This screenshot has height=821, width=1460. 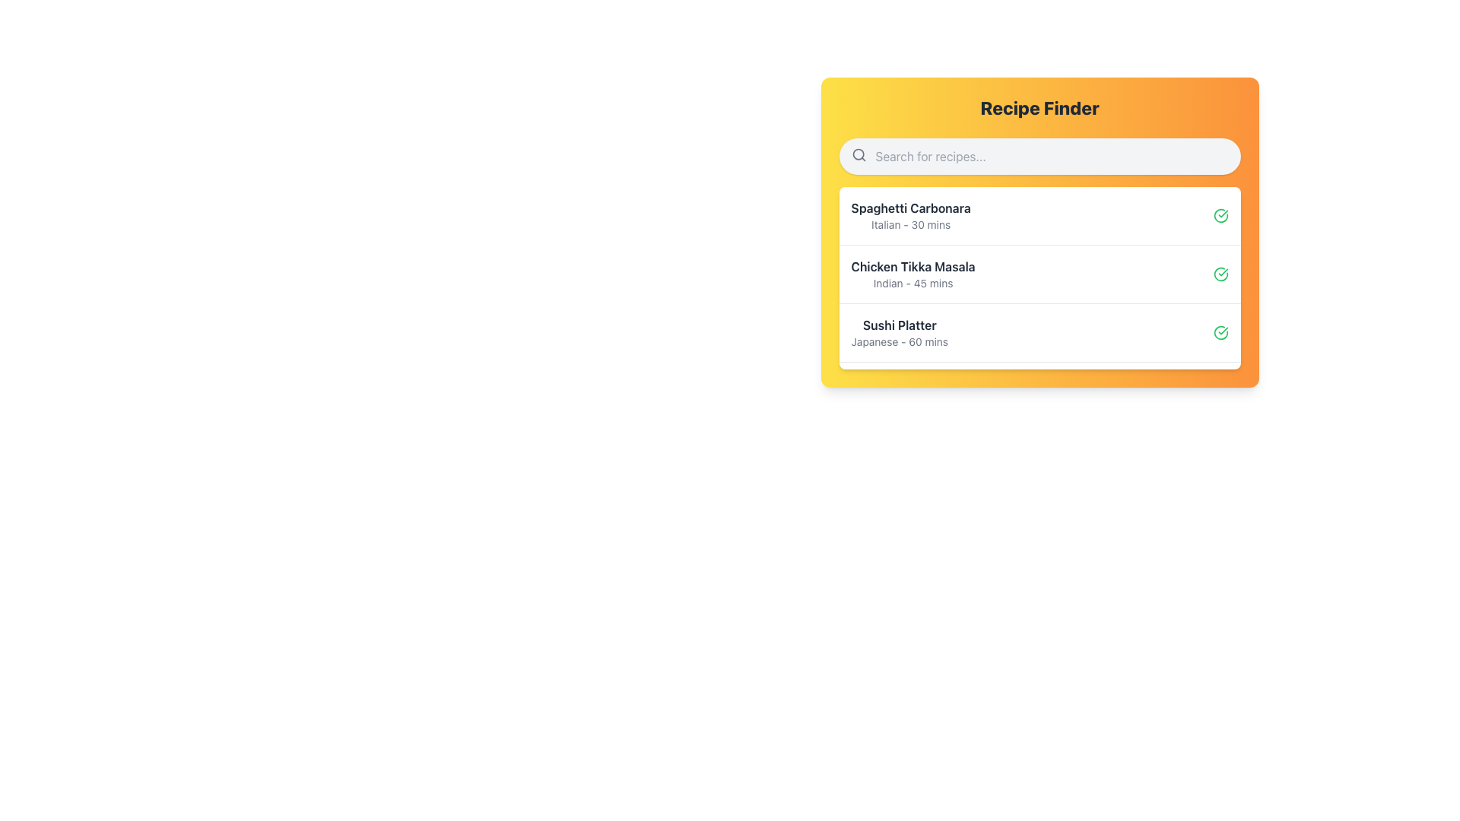 I want to click on the text block labeled 'Sushi Platter', so click(x=900, y=332).